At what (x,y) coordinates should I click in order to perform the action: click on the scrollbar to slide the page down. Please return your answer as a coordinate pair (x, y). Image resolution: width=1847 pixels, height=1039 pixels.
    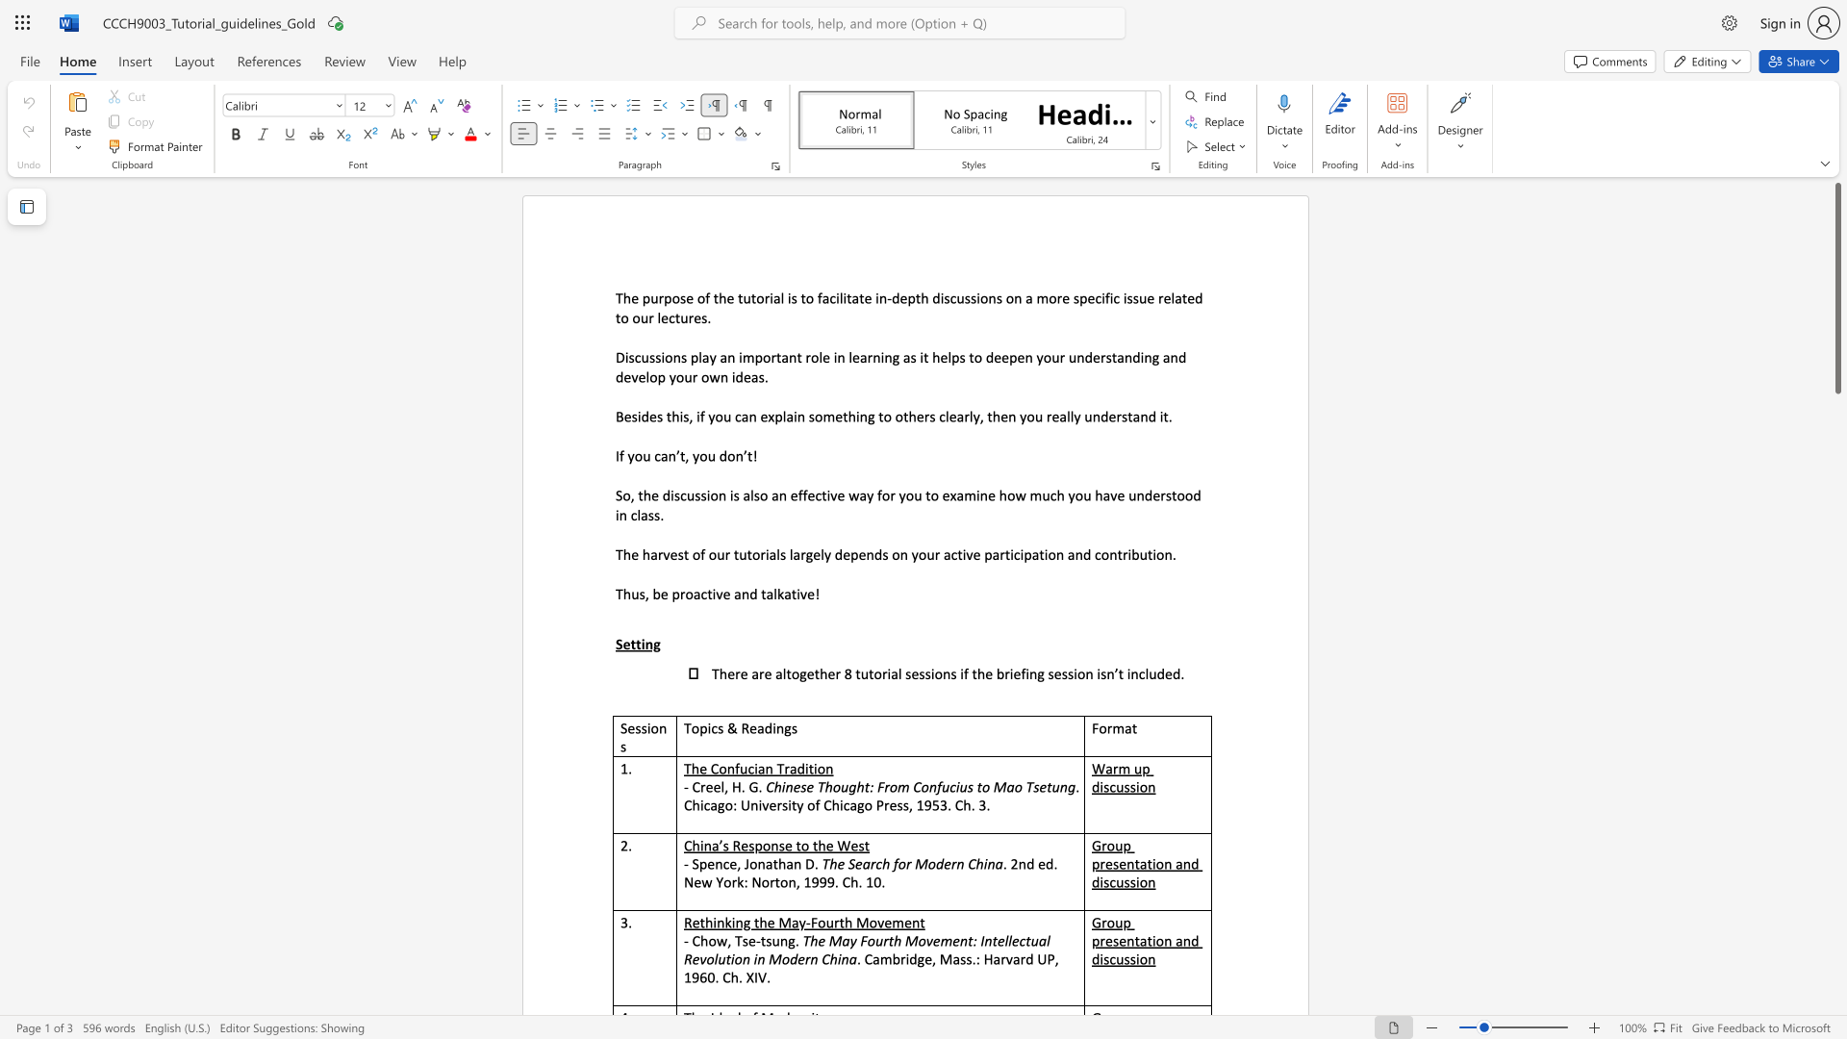
    Looking at the image, I should click on (1836, 712).